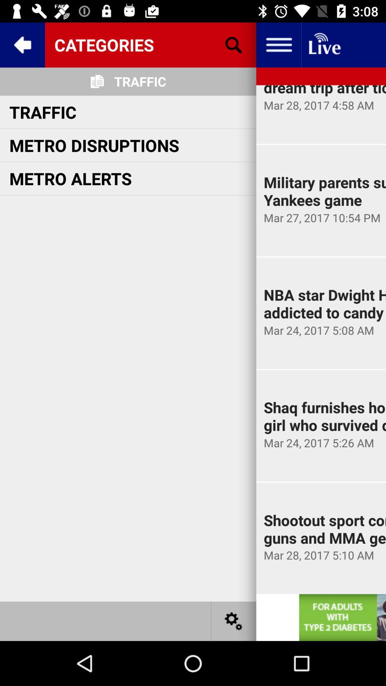  Describe the element at coordinates (278, 44) in the screenshot. I see `setting bar` at that location.